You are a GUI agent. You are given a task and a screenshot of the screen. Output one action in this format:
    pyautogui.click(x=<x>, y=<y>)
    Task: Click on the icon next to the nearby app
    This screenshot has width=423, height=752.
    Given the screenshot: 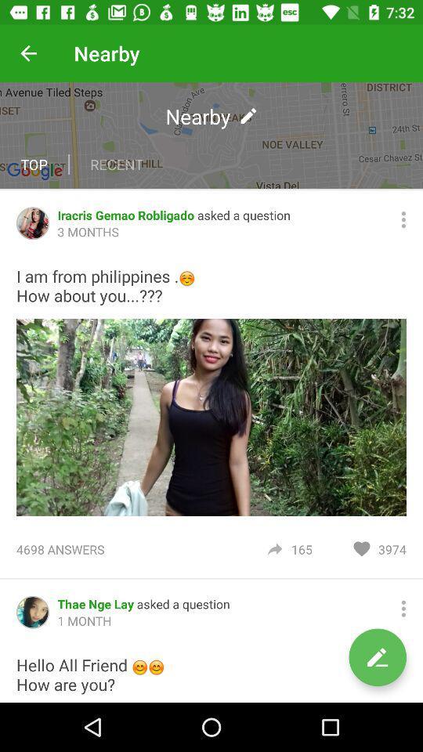 What is the action you would take?
    pyautogui.click(x=28, y=53)
    